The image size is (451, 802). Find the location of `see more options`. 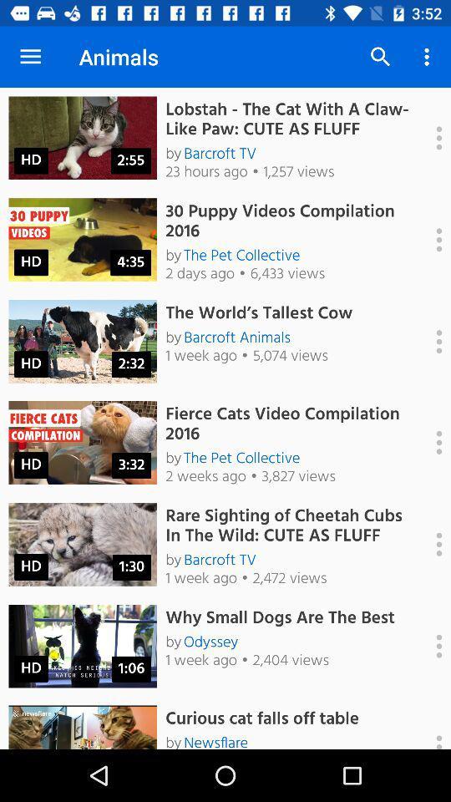

see more options is located at coordinates (430, 543).